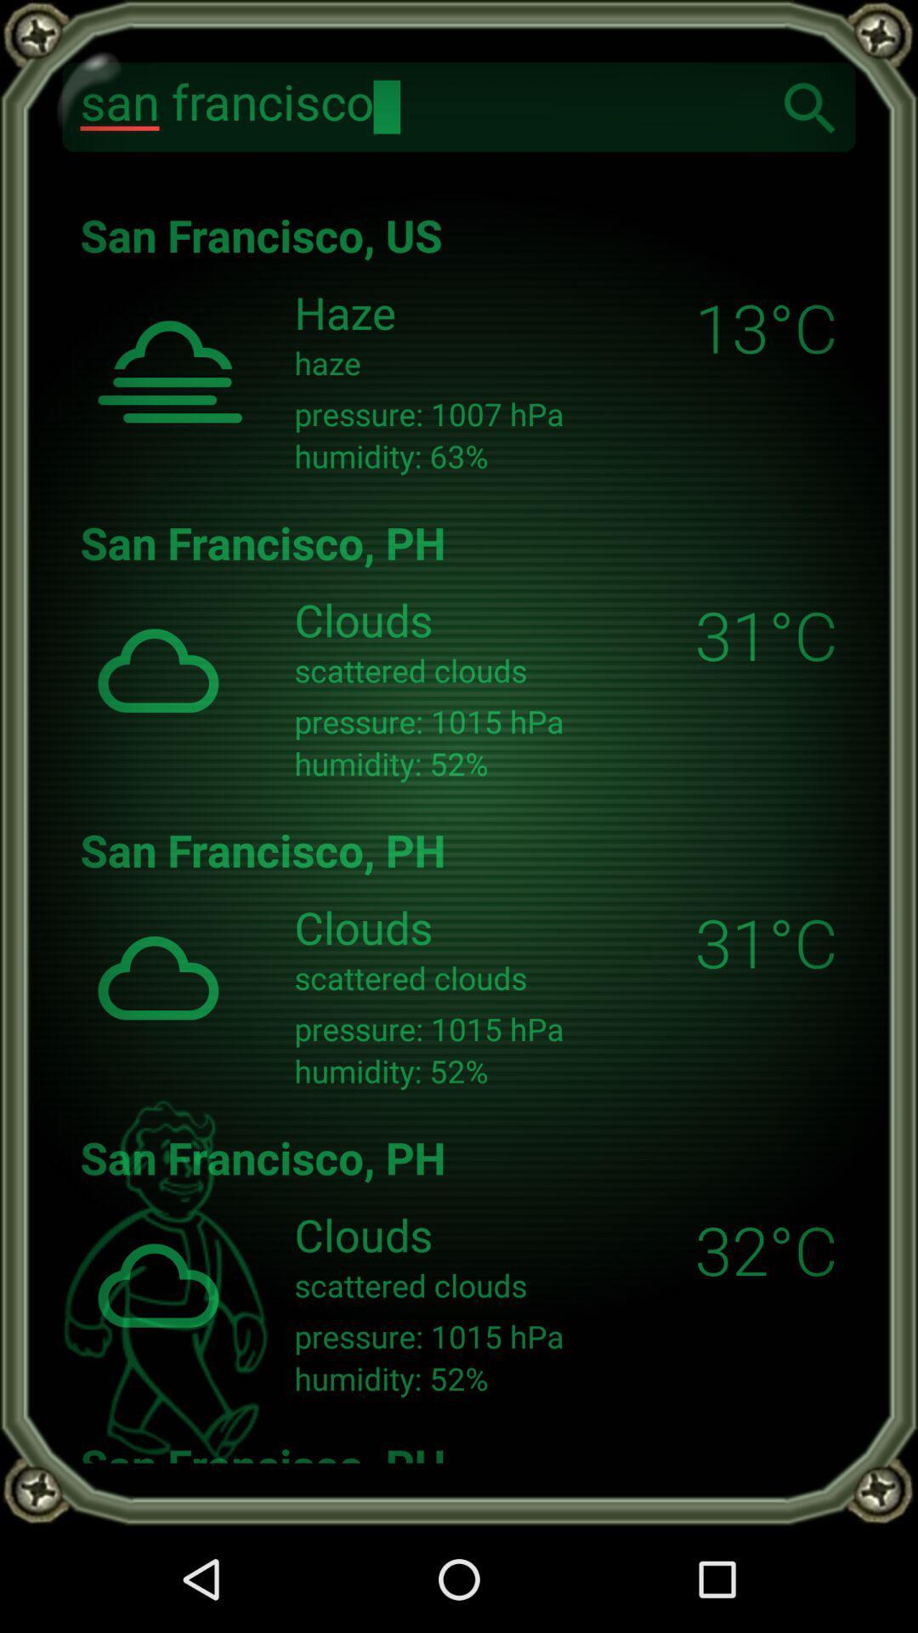  Describe the element at coordinates (809, 105) in the screenshot. I see `the search icon` at that location.